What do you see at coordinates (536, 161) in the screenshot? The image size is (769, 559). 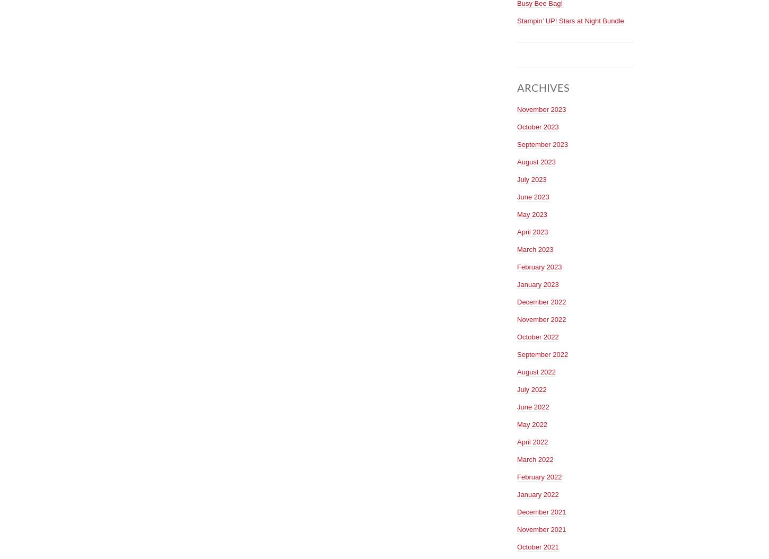 I see `'August 2023'` at bounding box center [536, 161].